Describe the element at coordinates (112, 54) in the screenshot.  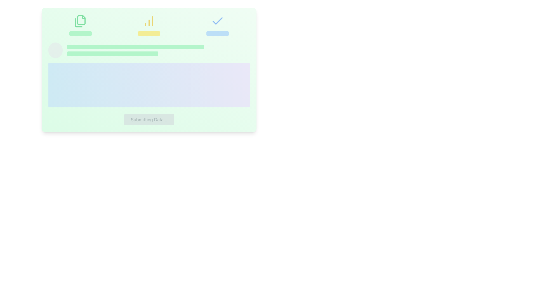
I see `the green progress bar with rounded corners, which is the second bar in a vertical group of two, located beneath a longer green bar` at that location.